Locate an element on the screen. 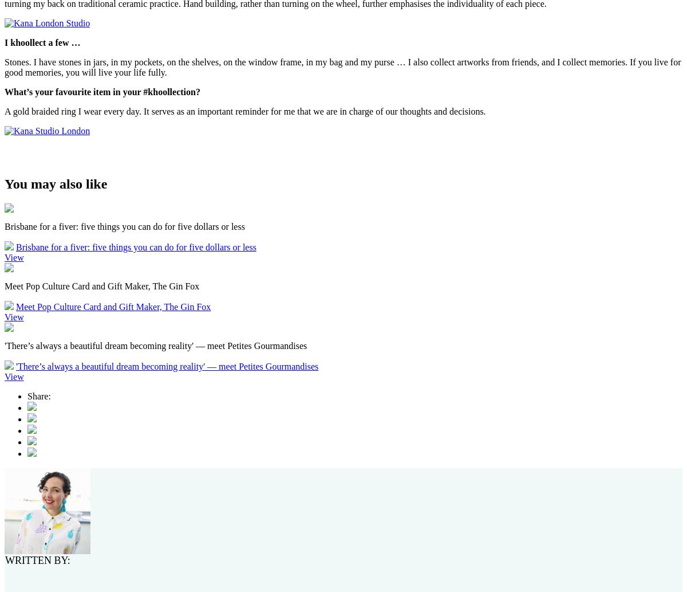 The height and width of the screenshot is (592, 687). 'A gold braided ring I wear every day. It serves as an important reminder for me that we are in charge of our thoughts and decisions.' is located at coordinates (245, 110).